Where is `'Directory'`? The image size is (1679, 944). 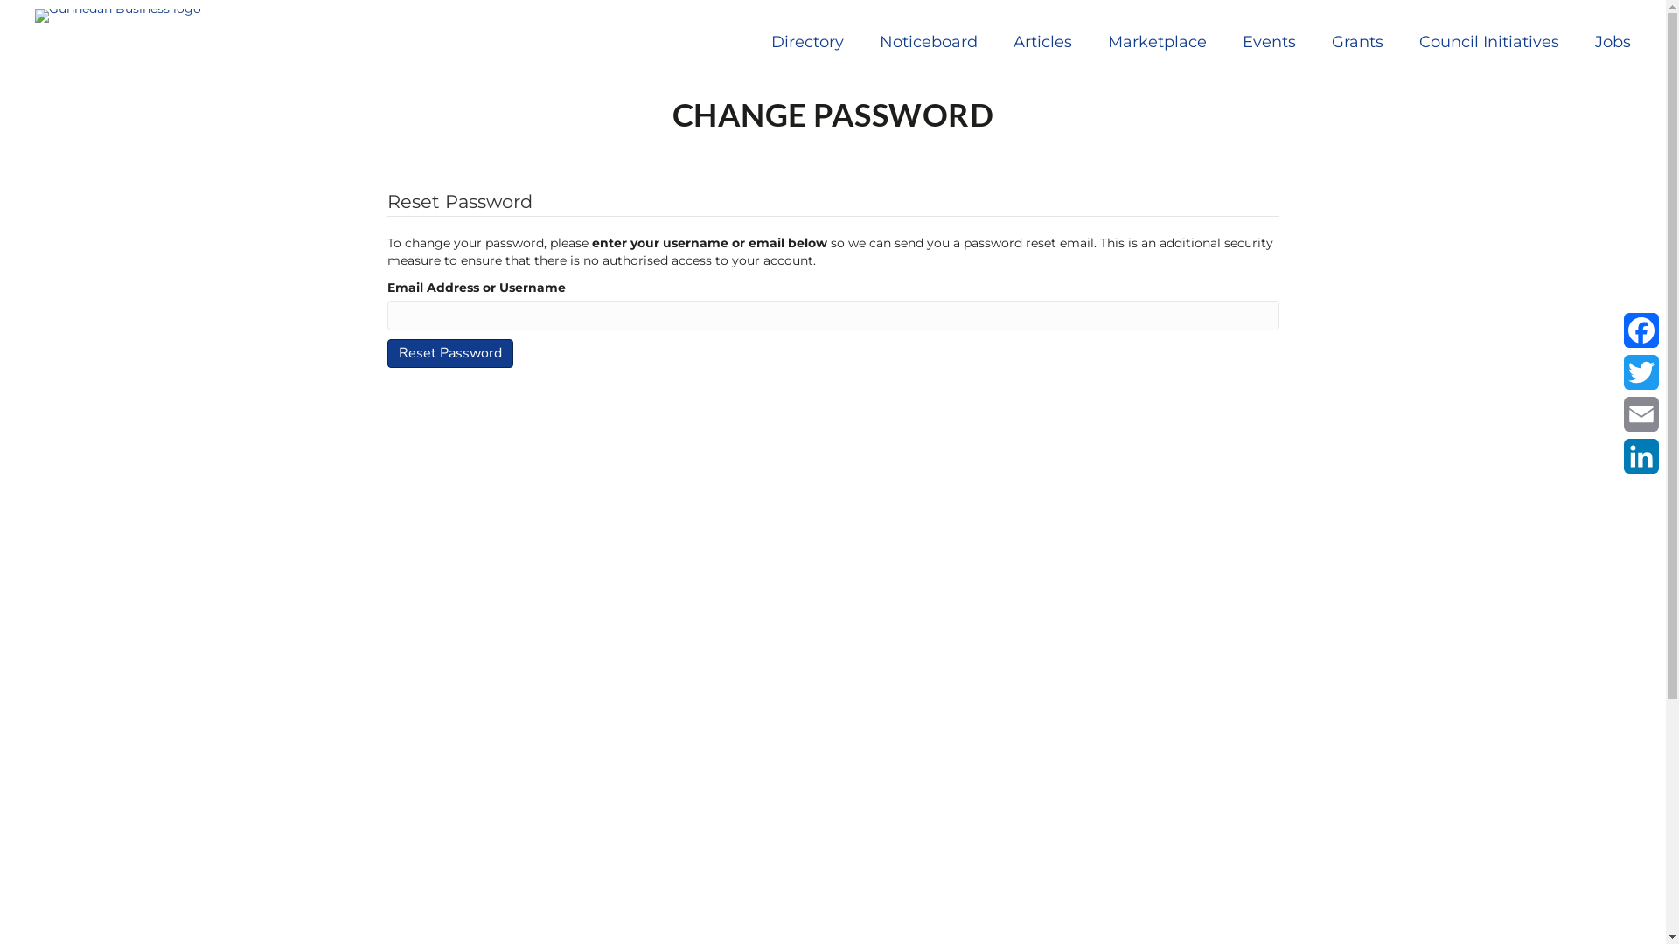
'Directory' is located at coordinates (806, 40).